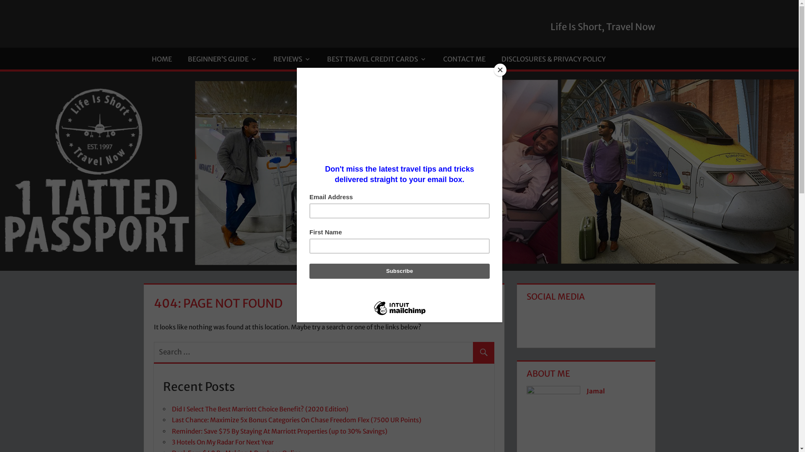  Describe the element at coordinates (161, 58) in the screenshot. I see `'HOME'` at that location.